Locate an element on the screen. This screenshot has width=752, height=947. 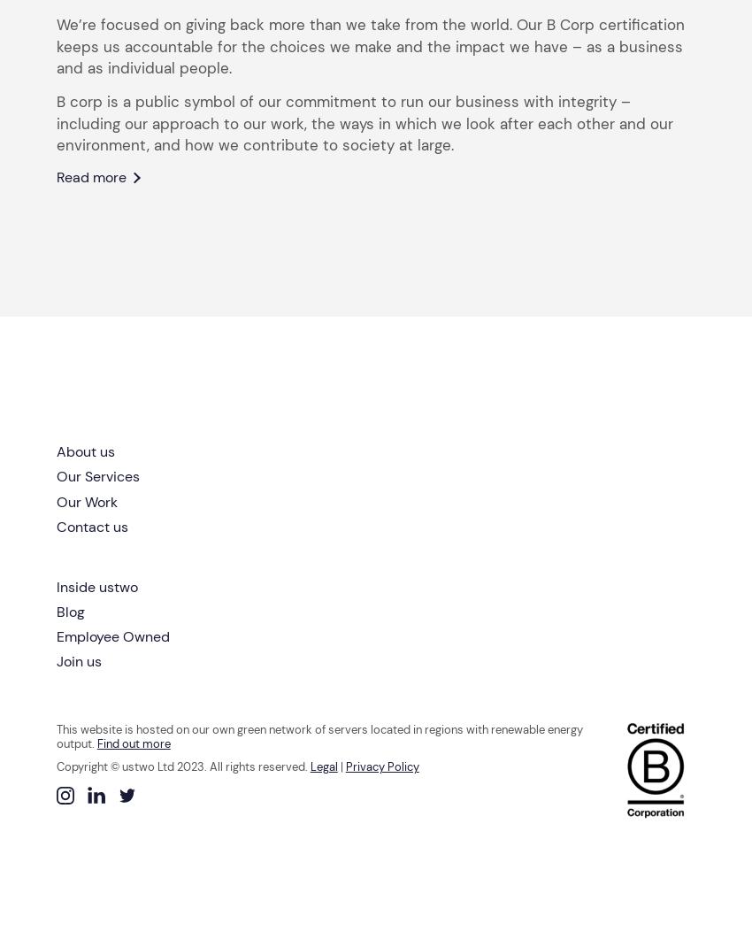
'2023' is located at coordinates (189, 766).